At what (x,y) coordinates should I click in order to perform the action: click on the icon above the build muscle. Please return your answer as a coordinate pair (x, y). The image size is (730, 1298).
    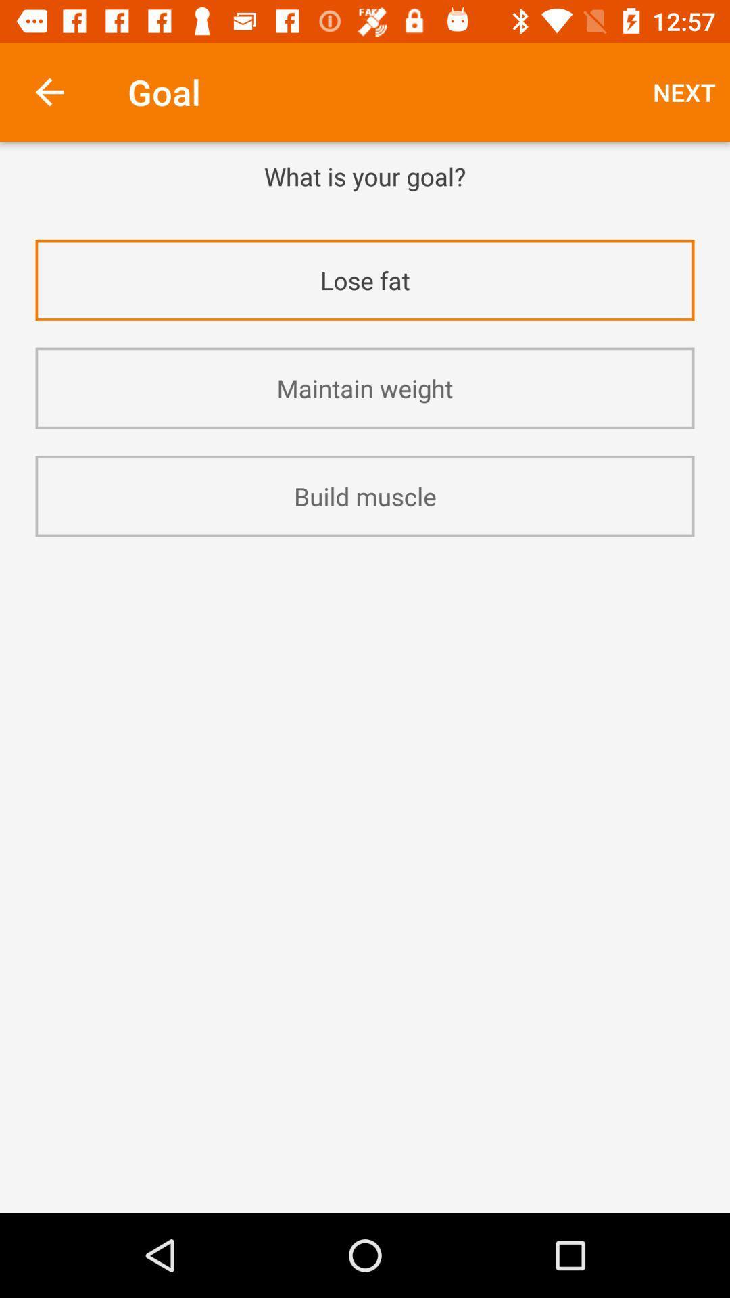
    Looking at the image, I should click on (365, 387).